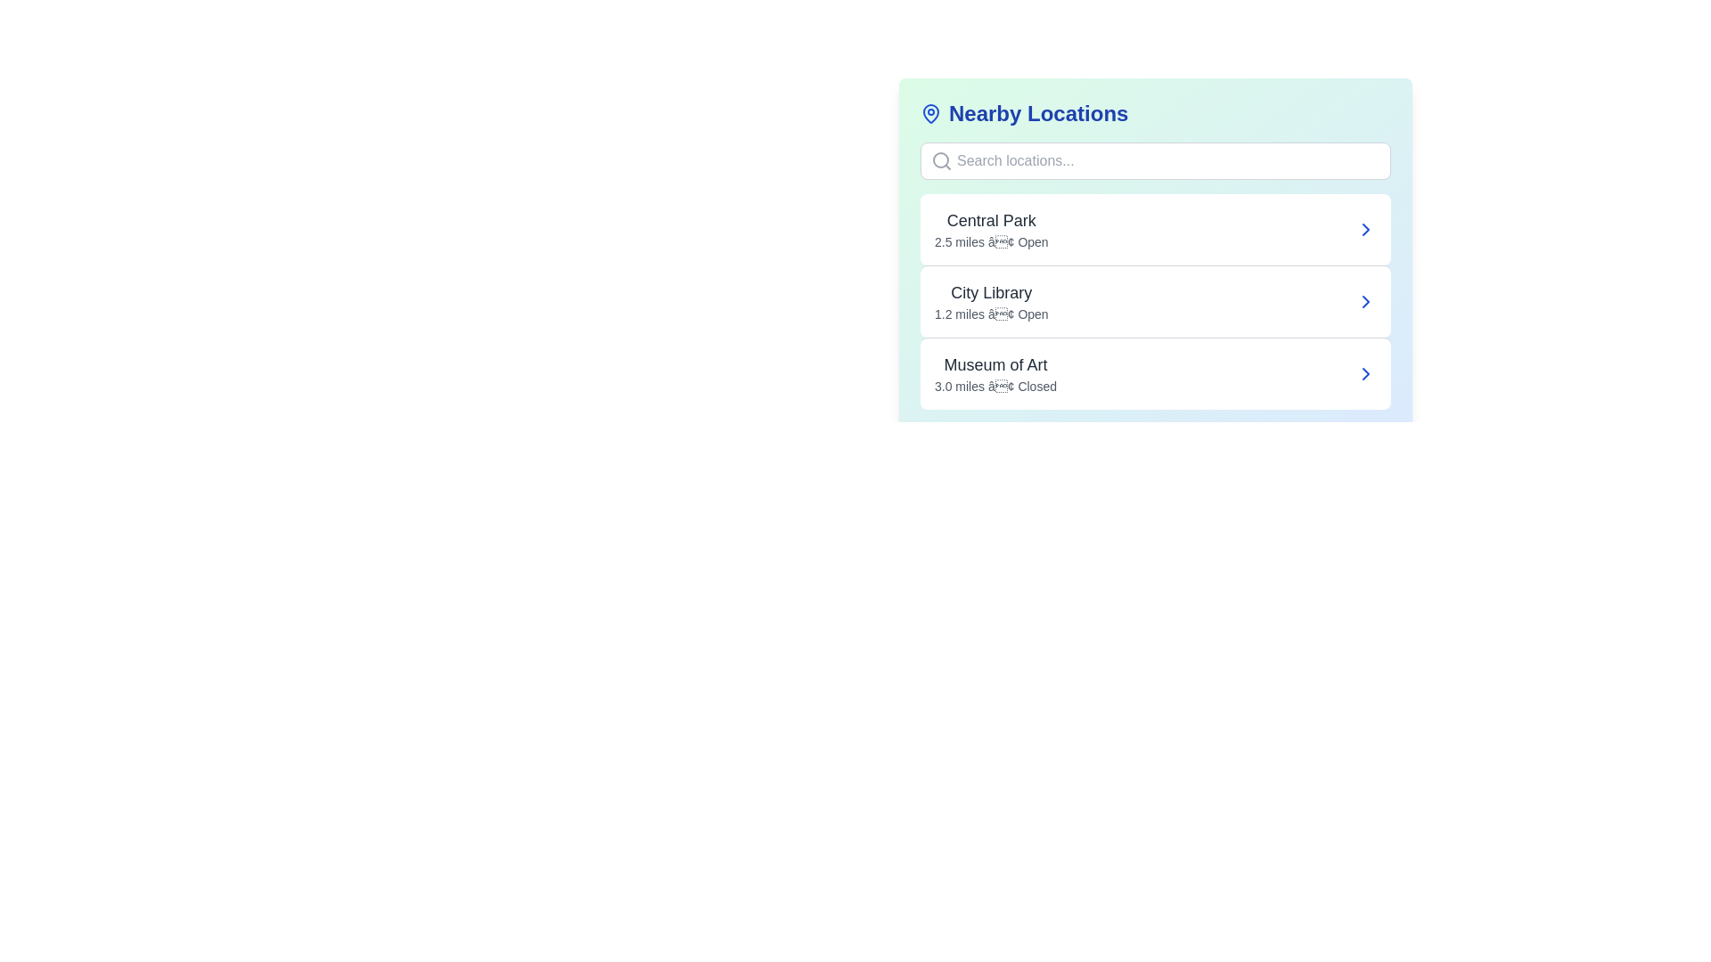 Image resolution: width=1711 pixels, height=962 pixels. What do you see at coordinates (995, 363) in the screenshot?
I see `text label displaying 'Museum of Art' located in the middle section of the Nearby Locations panel, positioned under 'City Library' and above '3.0 miles • Closed'` at bounding box center [995, 363].